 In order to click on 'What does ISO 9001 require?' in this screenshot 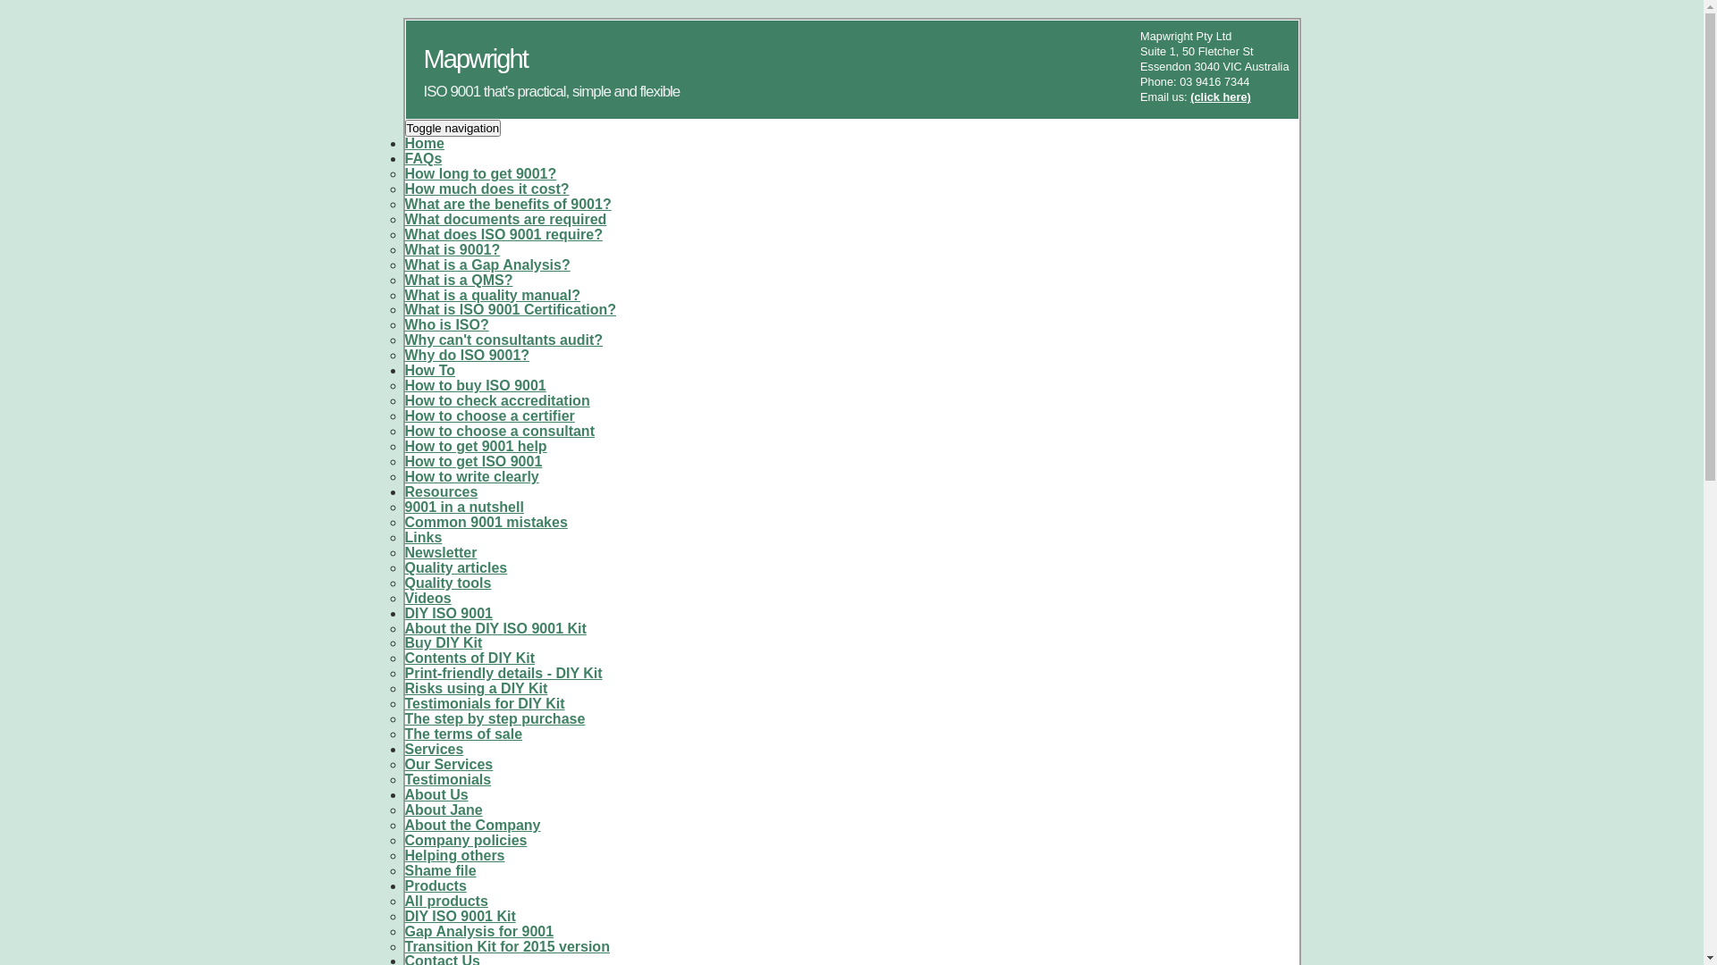, I will do `click(502, 233)`.